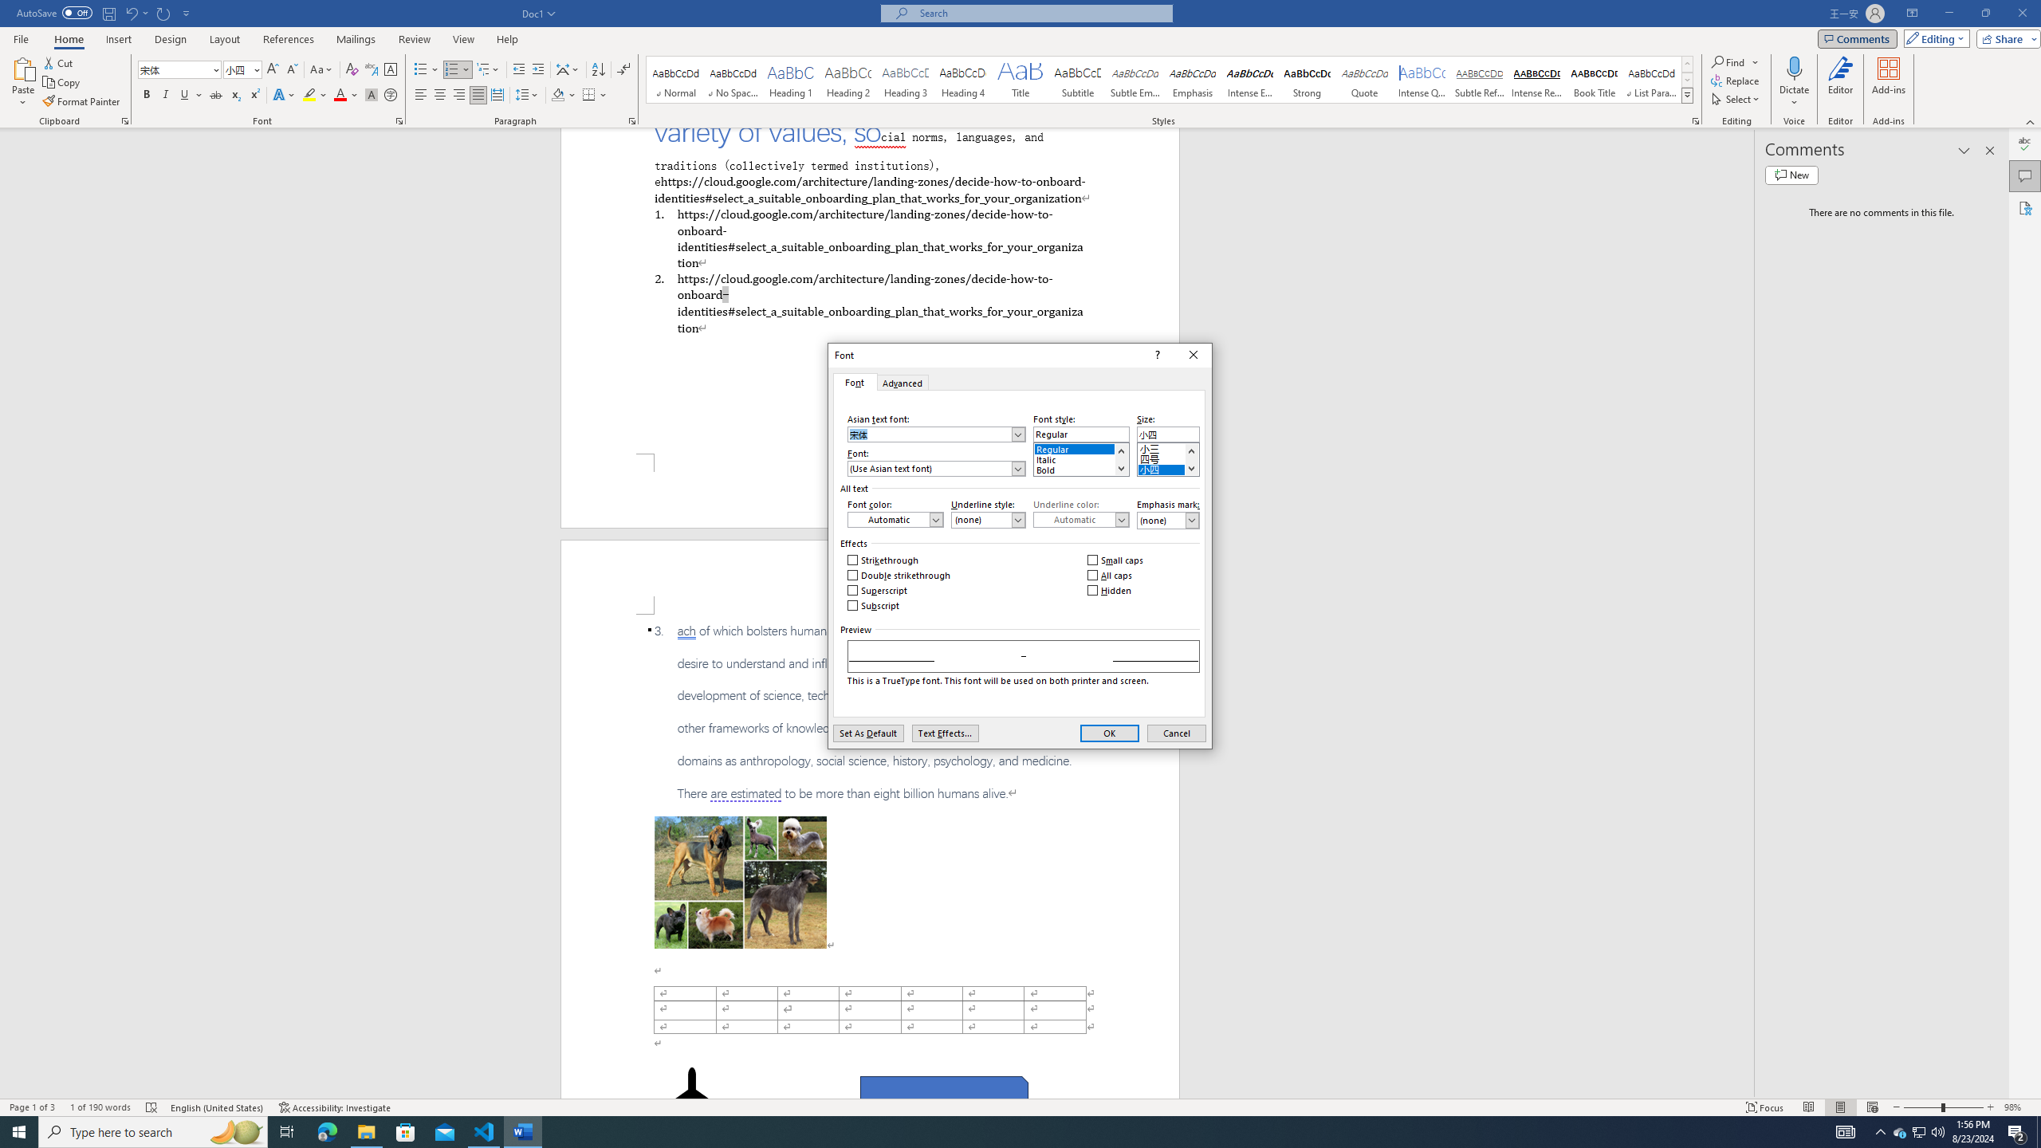  What do you see at coordinates (1121, 458) in the screenshot?
I see `'AutomationID: 1795'` at bounding box center [1121, 458].